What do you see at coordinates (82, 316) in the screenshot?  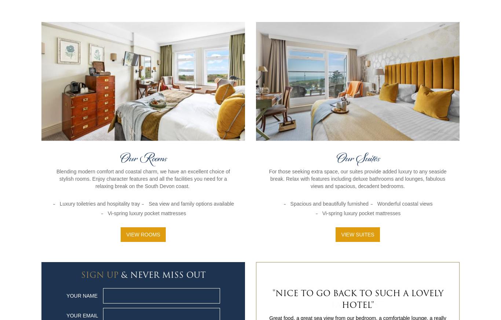 I see `'Your Email'` at bounding box center [82, 316].